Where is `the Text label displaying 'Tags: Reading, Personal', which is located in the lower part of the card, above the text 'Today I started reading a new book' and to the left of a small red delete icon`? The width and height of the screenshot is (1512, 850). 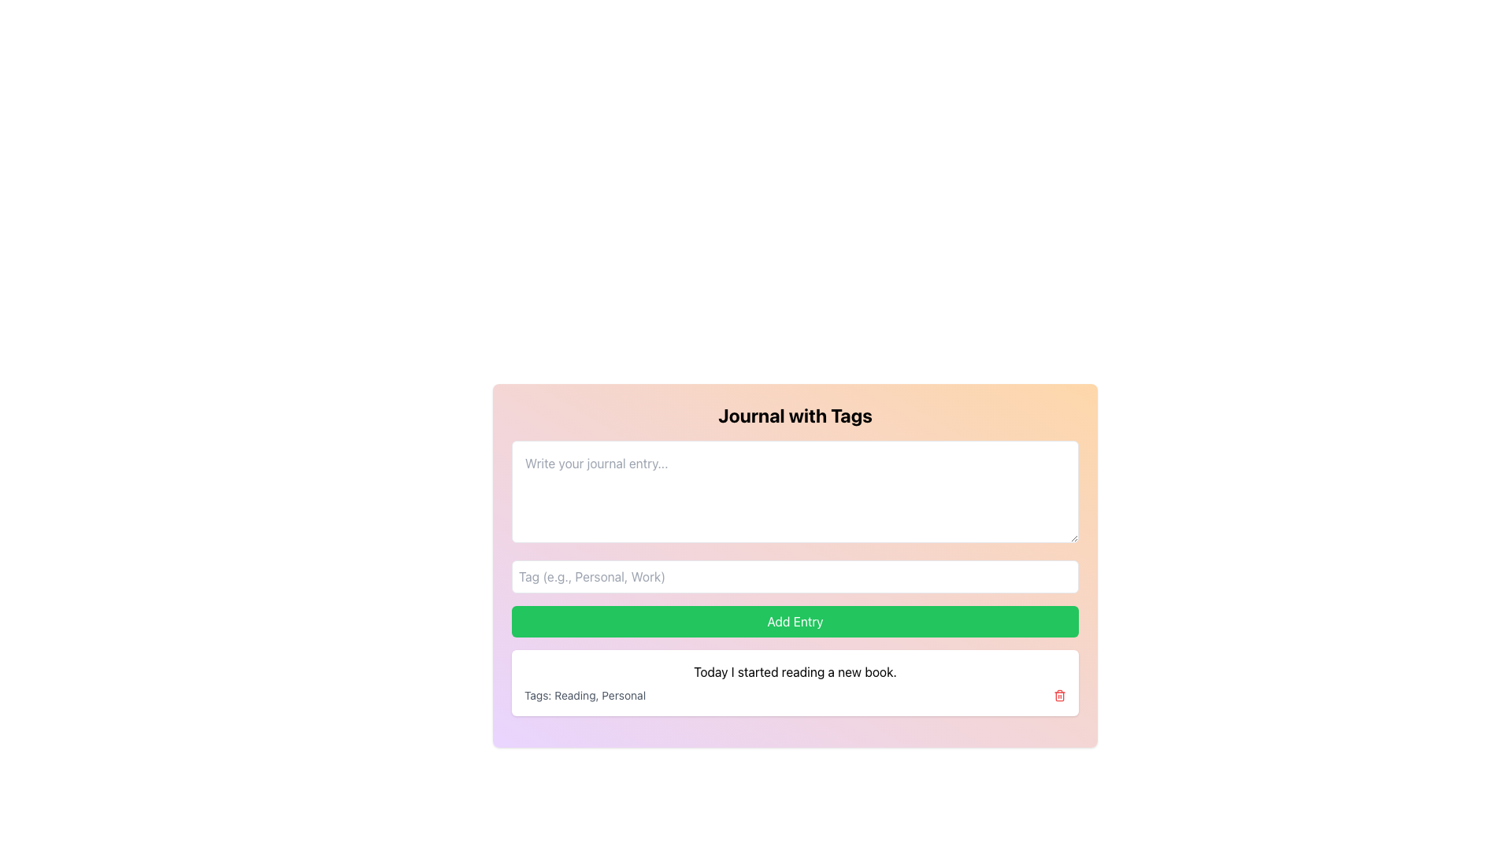
the Text label displaying 'Tags: Reading, Personal', which is located in the lower part of the card, above the text 'Today I started reading a new book' and to the left of a small red delete icon is located at coordinates (584, 694).